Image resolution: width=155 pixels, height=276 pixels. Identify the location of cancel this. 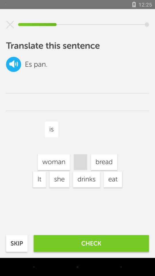
(10, 24).